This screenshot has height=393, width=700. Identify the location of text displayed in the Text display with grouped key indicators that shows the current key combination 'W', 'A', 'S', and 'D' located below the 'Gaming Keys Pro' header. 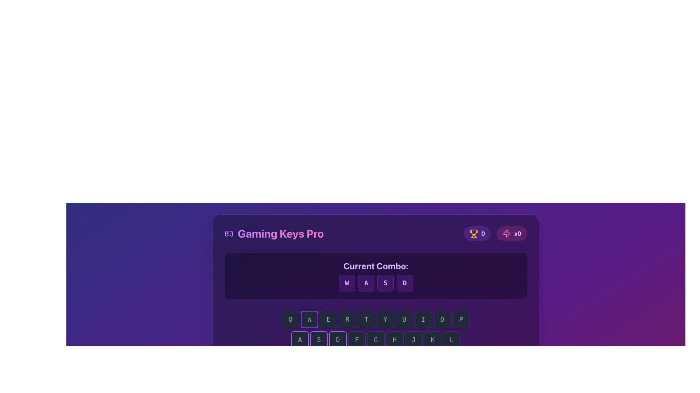
(376, 276).